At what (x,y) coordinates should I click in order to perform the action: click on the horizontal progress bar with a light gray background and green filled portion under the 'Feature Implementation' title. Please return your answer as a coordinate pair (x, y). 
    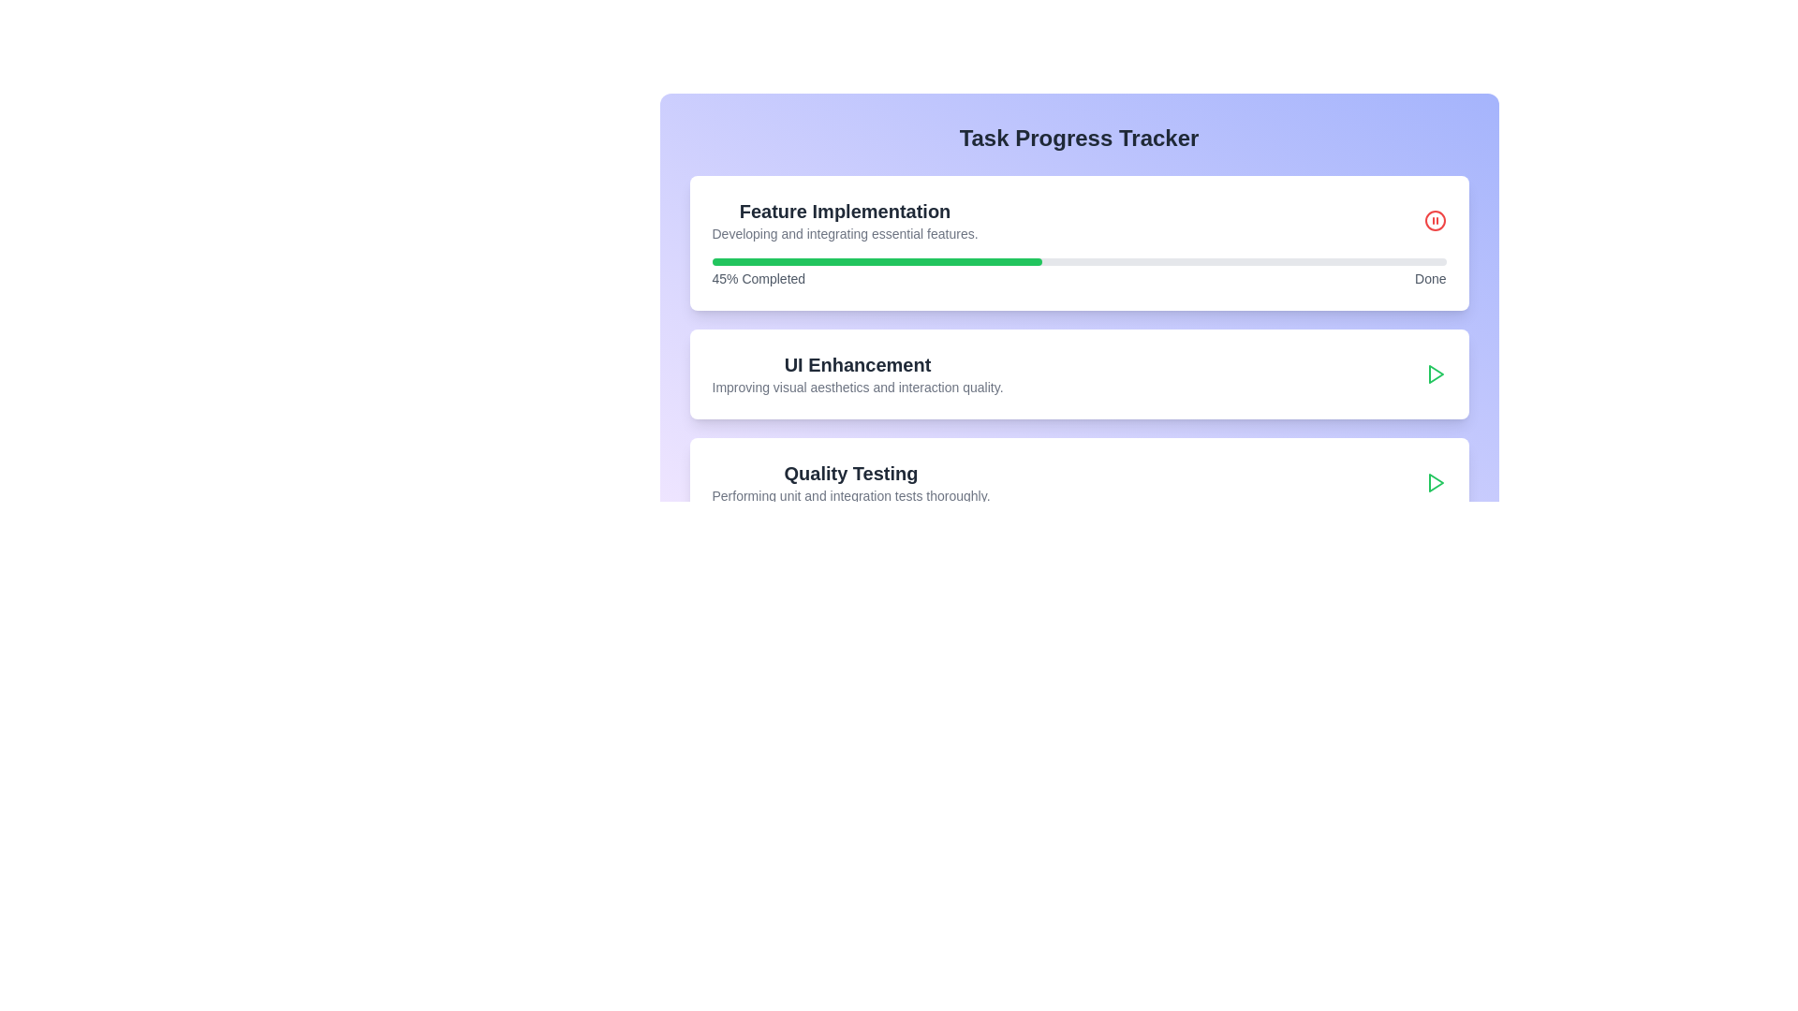
    Looking at the image, I should click on (1079, 262).